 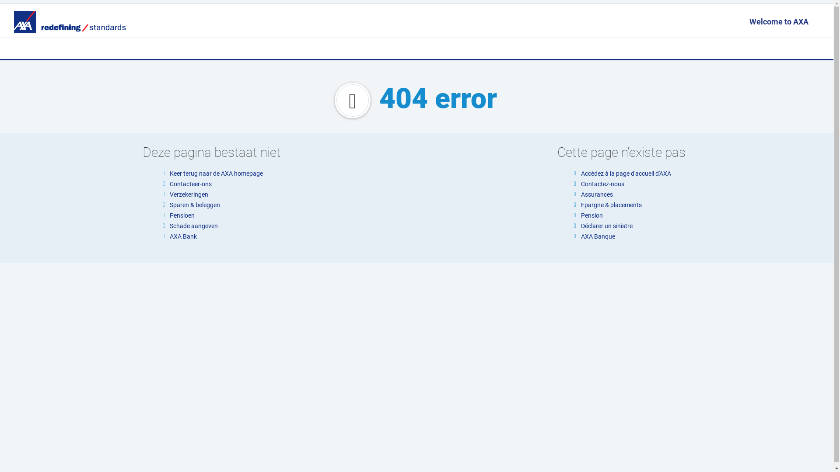 What do you see at coordinates (193, 225) in the screenshot?
I see `'Schade aangeven'` at bounding box center [193, 225].